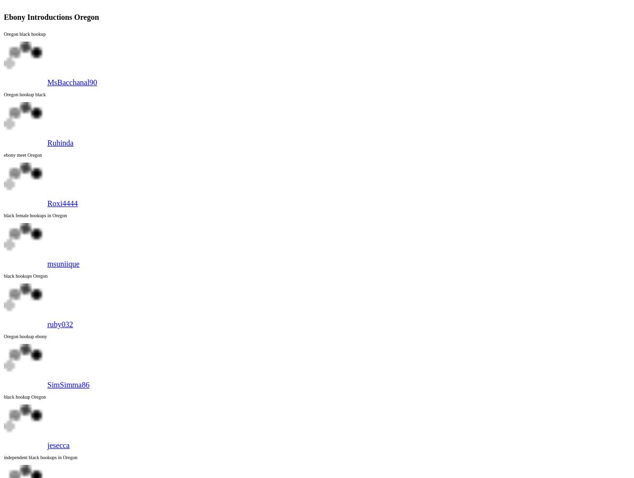 Image resolution: width=634 pixels, height=478 pixels. I want to click on 'Woodburn', so click(23, 207).